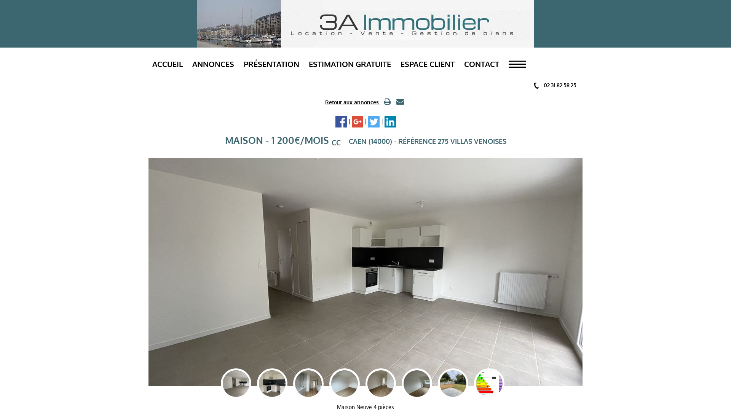 Image resolution: width=731 pixels, height=411 pixels. What do you see at coordinates (428, 64) in the screenshot?
I see `'ESPACE CLIENT'` at bounding box center [428, 64].